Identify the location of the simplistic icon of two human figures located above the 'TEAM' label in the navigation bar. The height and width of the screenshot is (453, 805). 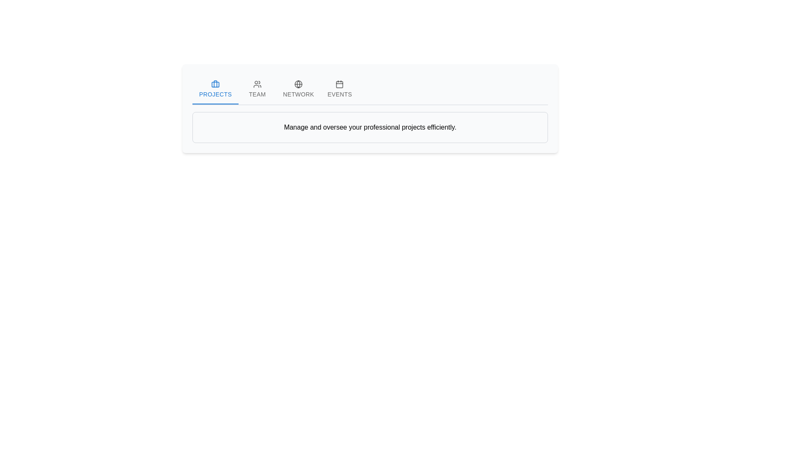
(257, 84).